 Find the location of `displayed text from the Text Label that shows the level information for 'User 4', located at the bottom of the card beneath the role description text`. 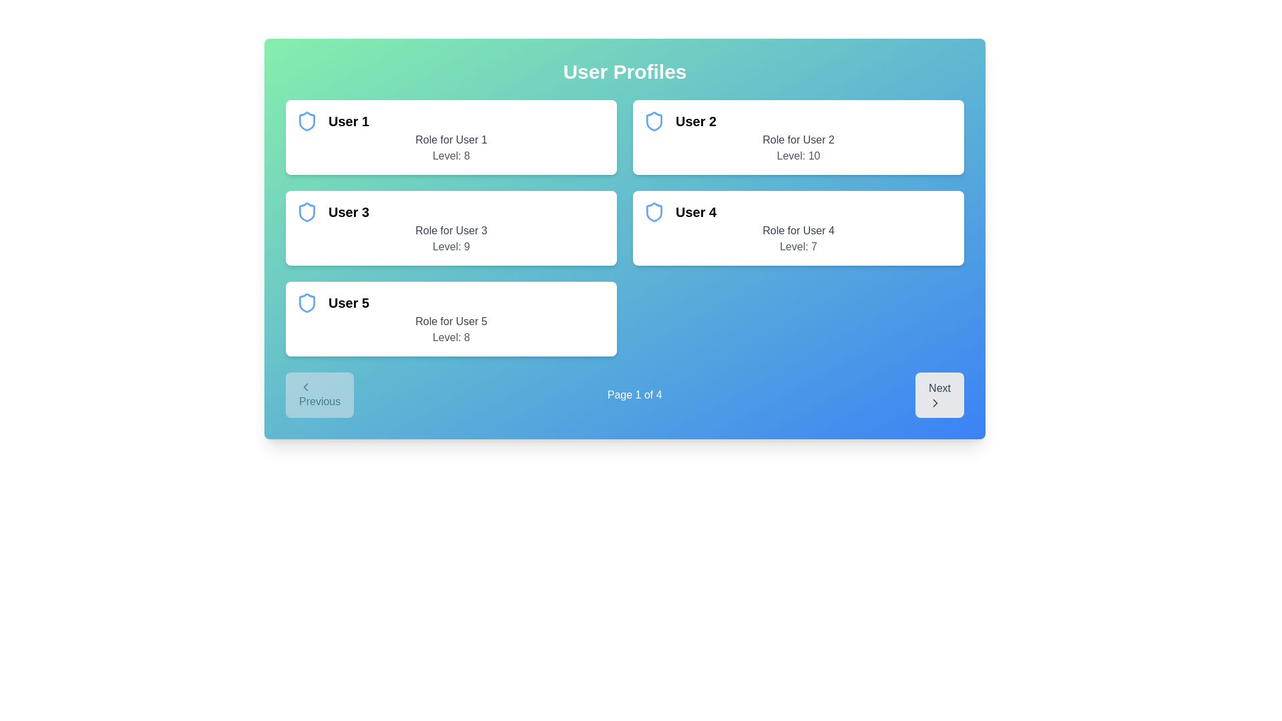

displayed text from the Text Label that shows the level information for 'User 4', located at the bottom of the card beneath the role description text is located at coordinates (798, 247).